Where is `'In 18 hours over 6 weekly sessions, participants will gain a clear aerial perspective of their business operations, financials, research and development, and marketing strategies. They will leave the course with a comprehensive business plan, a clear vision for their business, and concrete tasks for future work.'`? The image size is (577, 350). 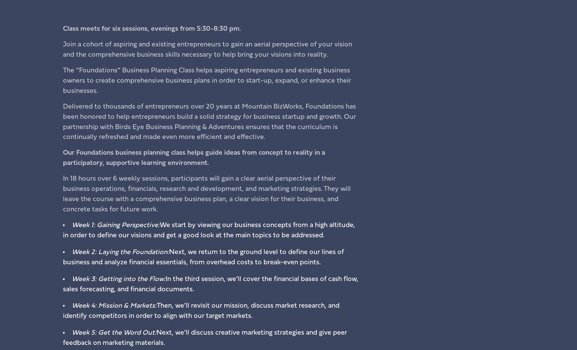 'In 18 hours over 6 weekly sessions, participants will gain a clear aerial perspective of their business operations, financials, research and development, and marketing strategies. They will leave the course with a comprehensive business plan, a clear vision for their business, and concrete tasks for future work.' is located at coordinates (206, 194).